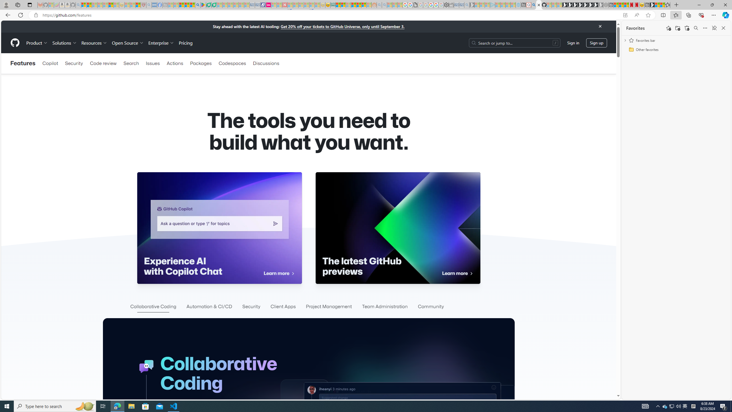 The height and width of the screenshot is (412, 732). Describe the element at coordinates (37, 43) in the screenshot. I see `'Product'` at that location.